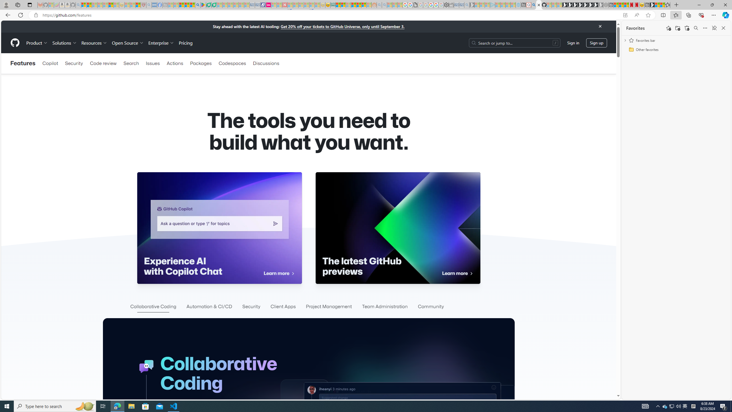 The height and width of the screenshot is (412, 732). Describe the element at coordinates (37, 43) in the screenshot. I see `'Product'` at that location.